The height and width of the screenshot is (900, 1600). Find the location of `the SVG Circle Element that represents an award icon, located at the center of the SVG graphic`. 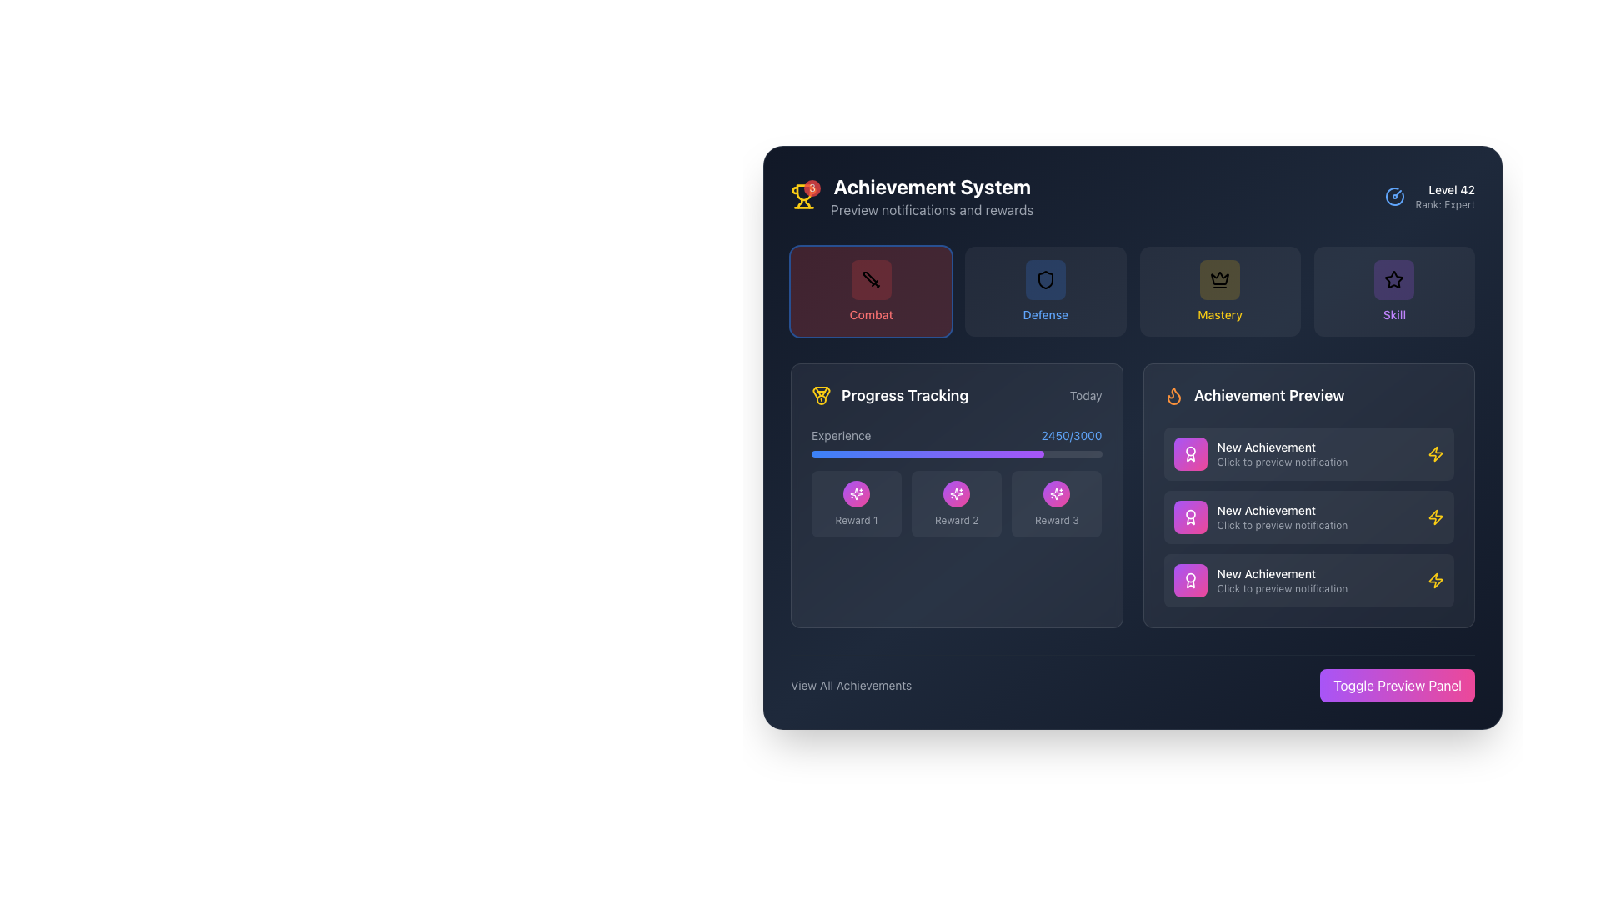

the SVG Circle Element that represents an award icon, located at the center of the SVG graphic is located at coordinates (1189, 513).